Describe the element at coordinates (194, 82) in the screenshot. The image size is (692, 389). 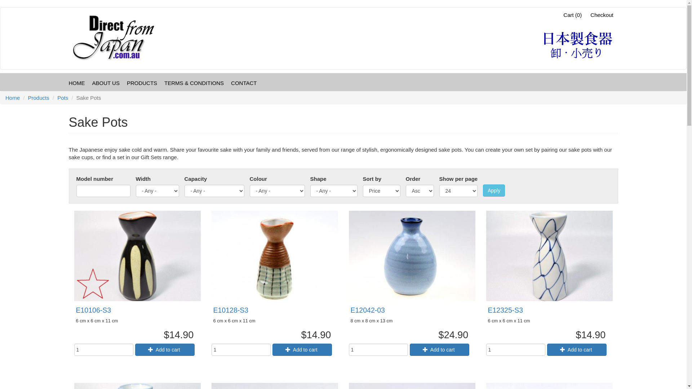
I see `'TERMS & CONDITIONS'` at that location.